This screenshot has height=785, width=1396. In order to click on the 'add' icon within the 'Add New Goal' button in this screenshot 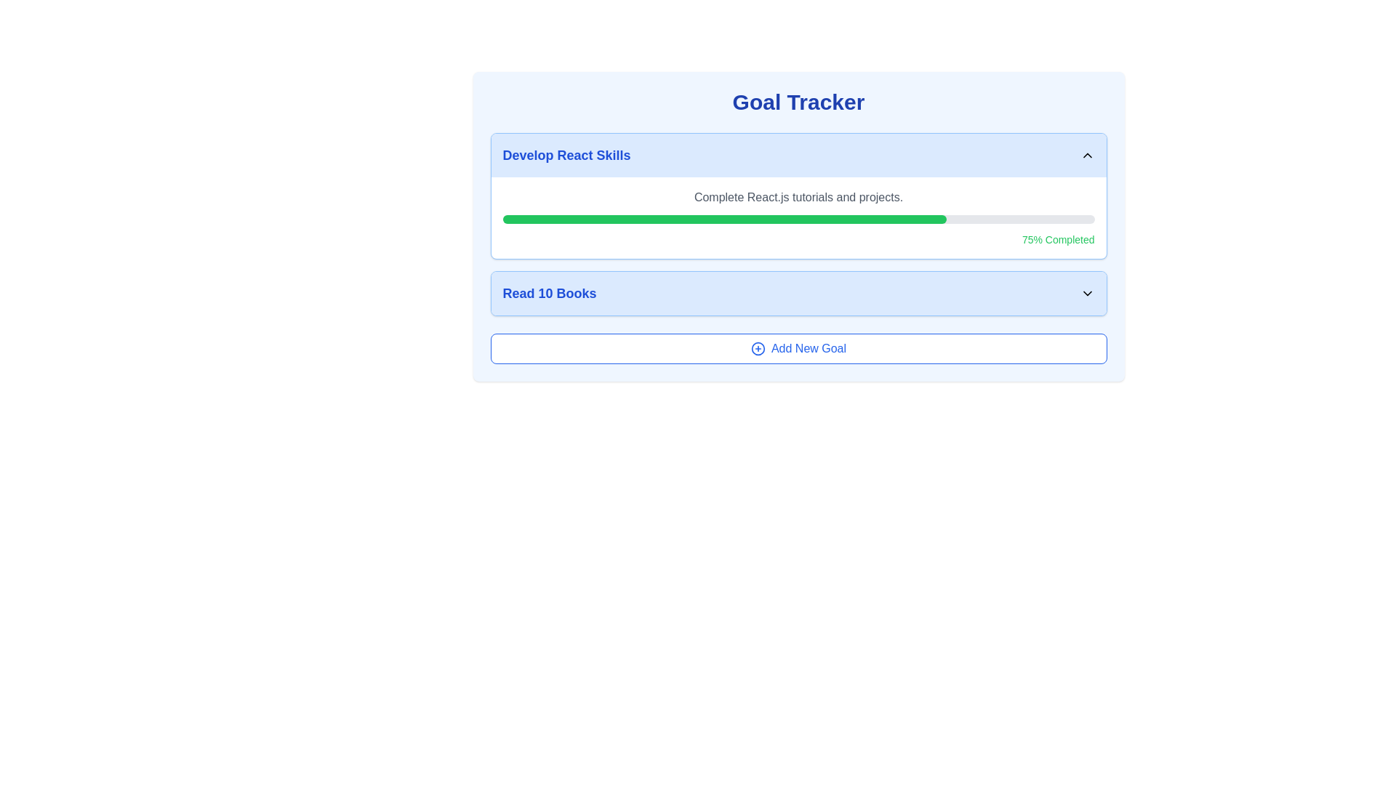, I will do `click(757, 348)`.